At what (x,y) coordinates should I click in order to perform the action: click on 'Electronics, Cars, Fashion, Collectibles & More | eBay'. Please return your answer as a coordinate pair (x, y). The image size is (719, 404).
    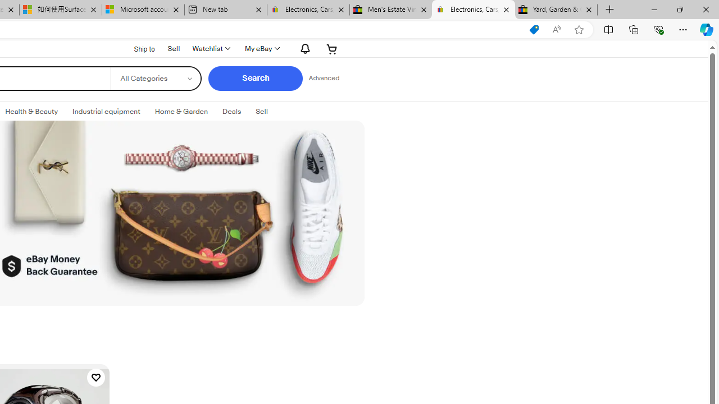
    Looking at the image, I should click on (474, 10).